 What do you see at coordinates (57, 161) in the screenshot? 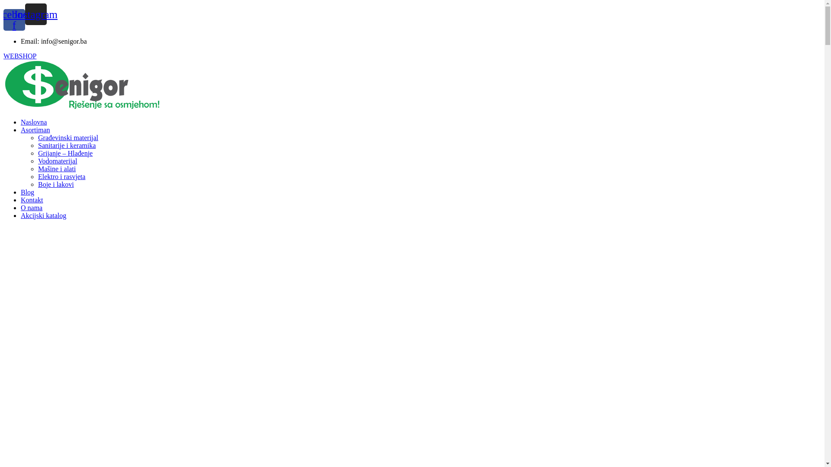
I see `'Vodomaterijal'` at bounding box center [57, 161].